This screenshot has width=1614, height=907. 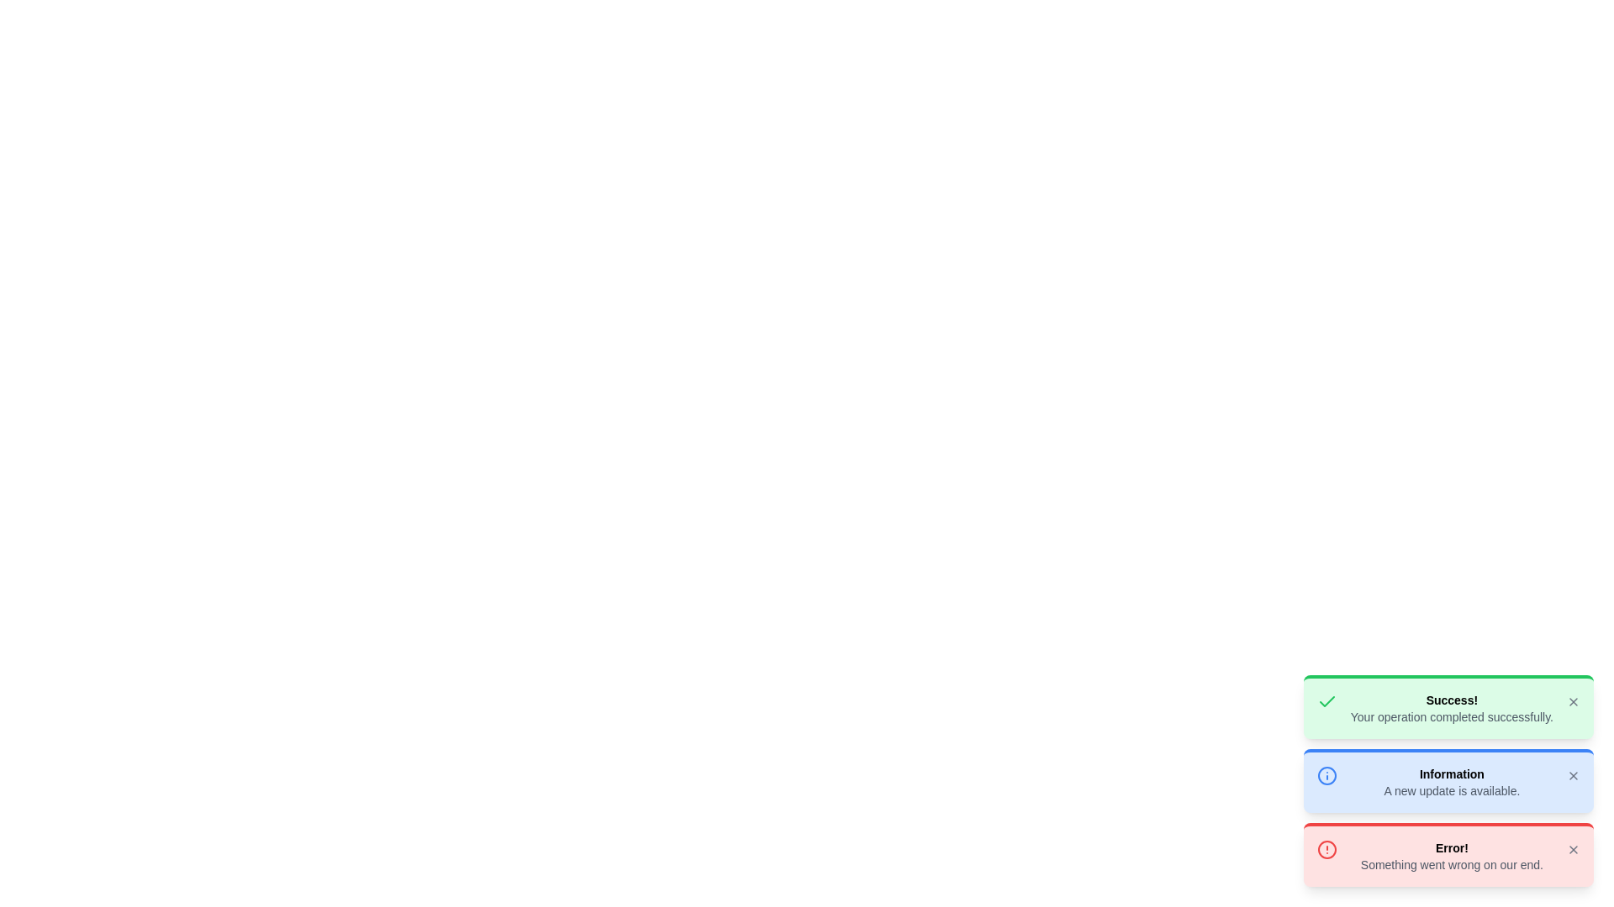 What do you see at coordinates (1451, 773) in the screenshot?
I see `the text label that serves as the header for the notification card, located at the top portion of the blue notification card above the text 'A new update is available.'` at bounding box center [1451, 773].